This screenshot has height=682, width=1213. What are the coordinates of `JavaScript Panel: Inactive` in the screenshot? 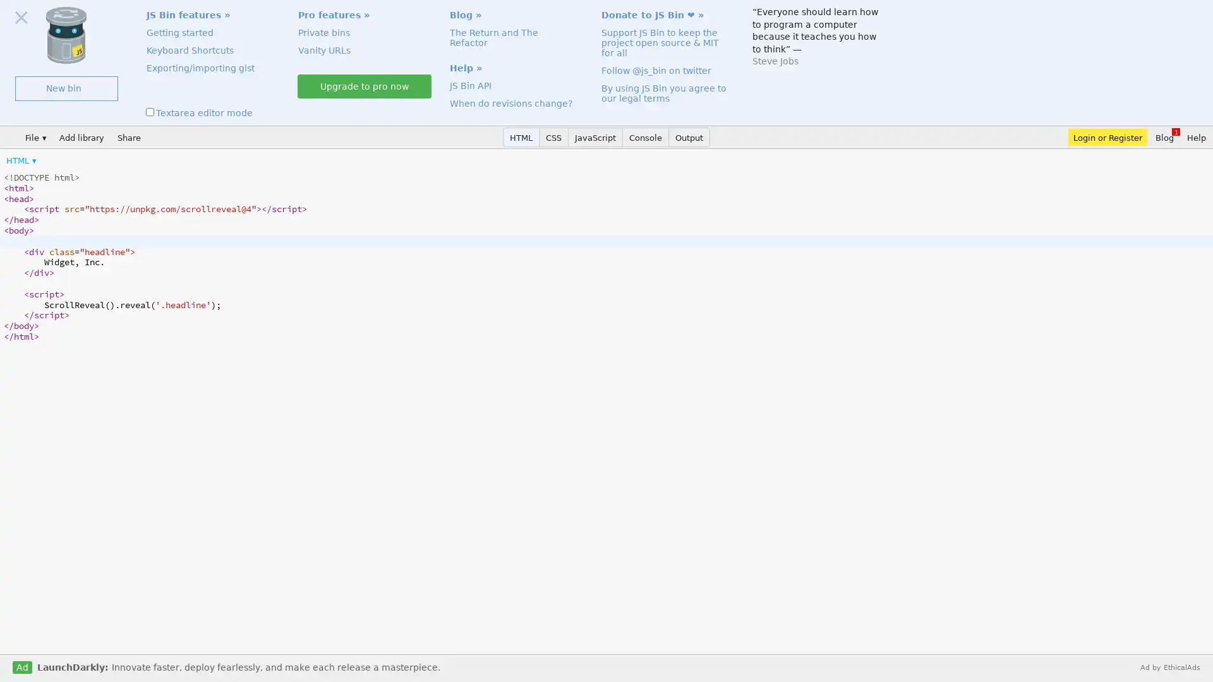 It's located at (594, 137).